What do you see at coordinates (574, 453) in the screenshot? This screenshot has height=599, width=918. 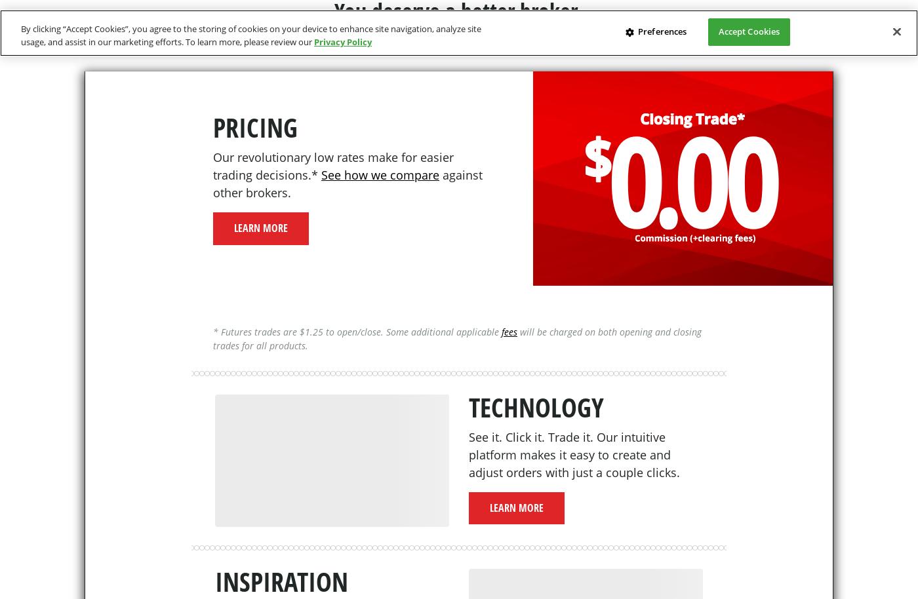 I see `'See it. Click it. Trade it. Our intuitive platform makes it easy to create and adjust orders with just a couple clicks.'` at bounding box center [574, 453].